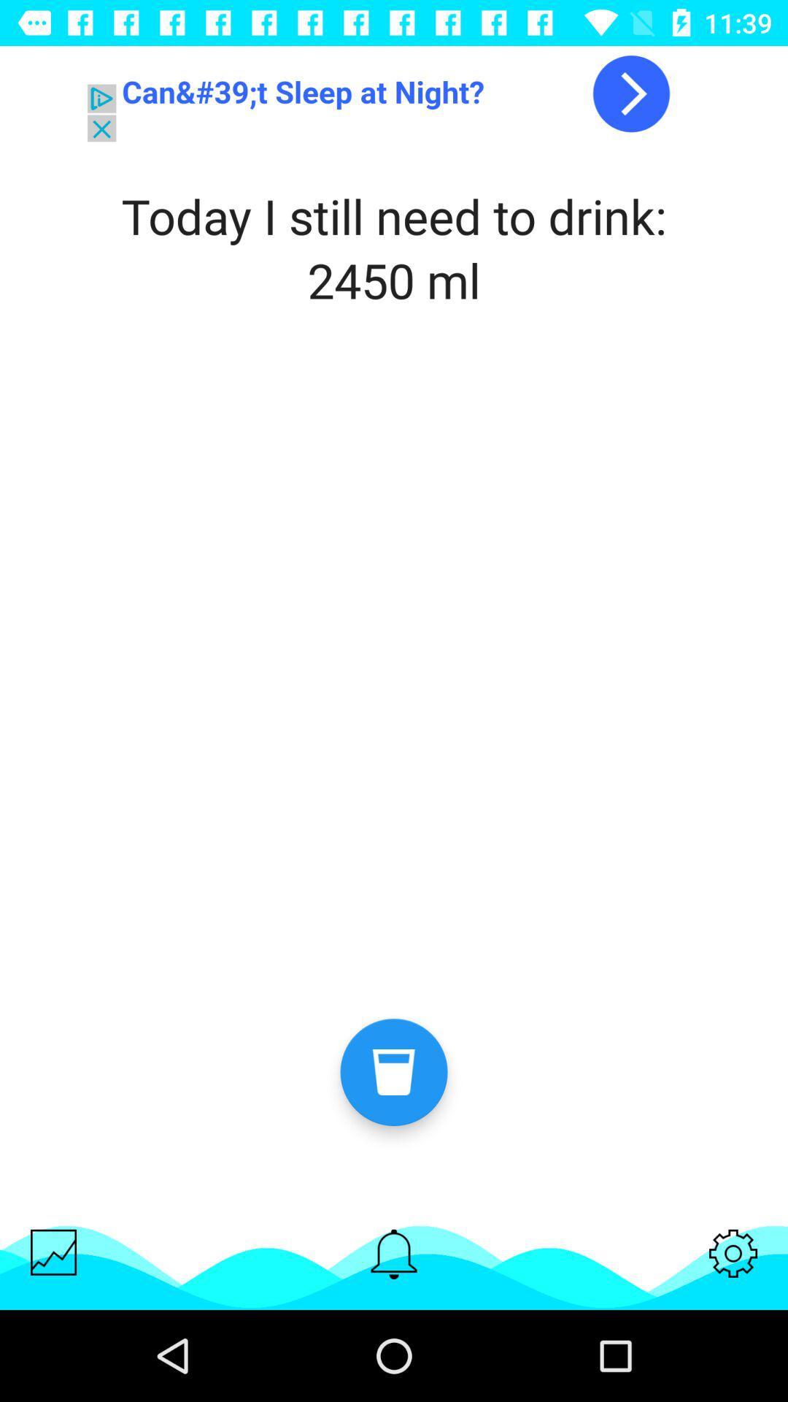  I want to click on settings, so click(733, 1252).